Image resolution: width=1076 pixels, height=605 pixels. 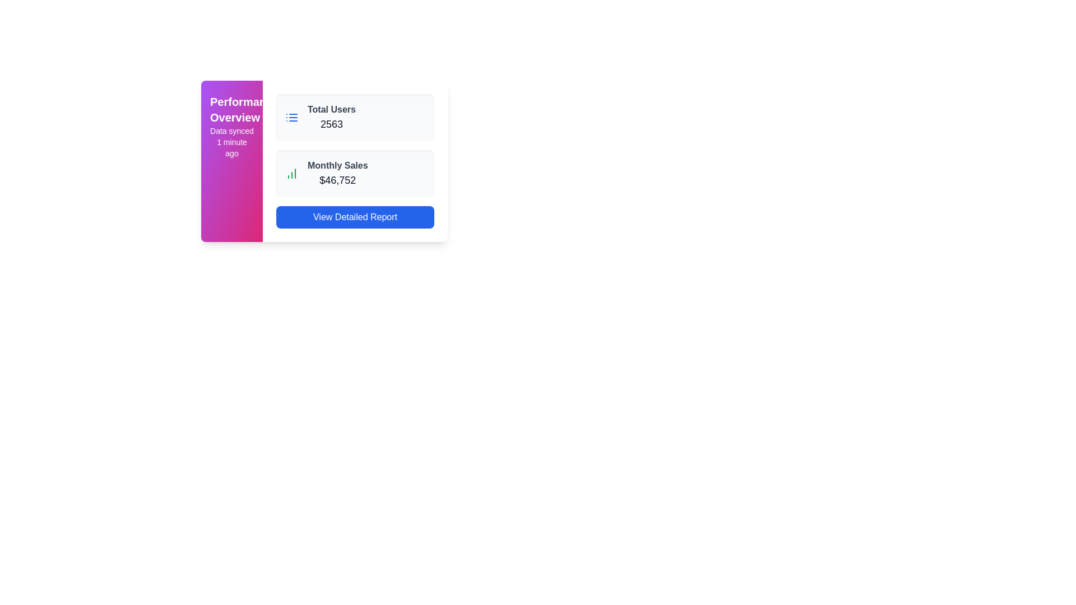 I want to click on the bold, white 'Performance Overview' static text displayed on a gradient background transitioning from purple to pink, located above the 'Data synced 1 minute ago' text, so click(x=231, y=110).